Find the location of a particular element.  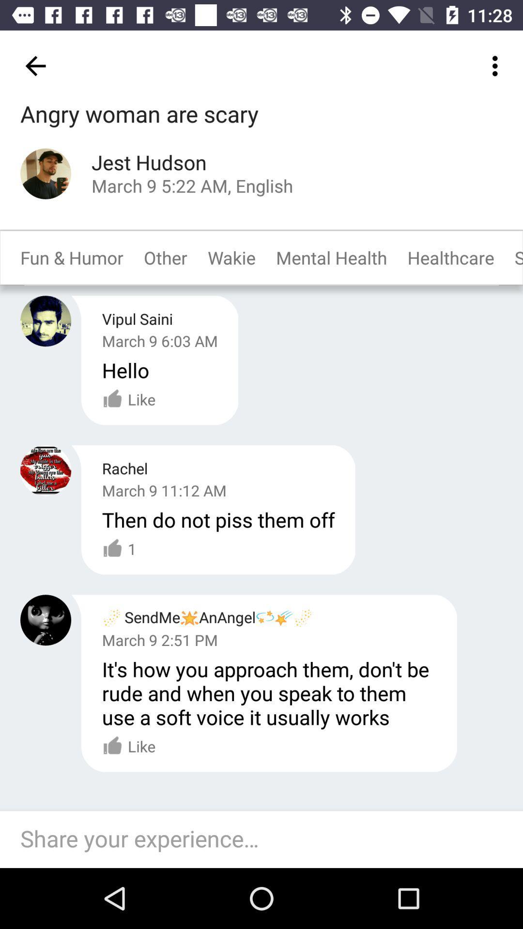

the item below the march 9 11 icon is located at coordinates (119, 549).